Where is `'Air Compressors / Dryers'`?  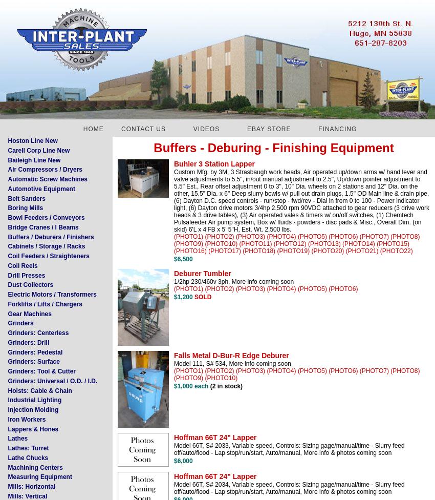
'Air Compressors / Dryers' is located at coordinates (44, 169).